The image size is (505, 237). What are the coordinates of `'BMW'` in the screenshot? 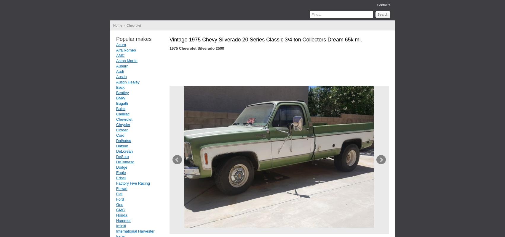 It's located at (120, 98).